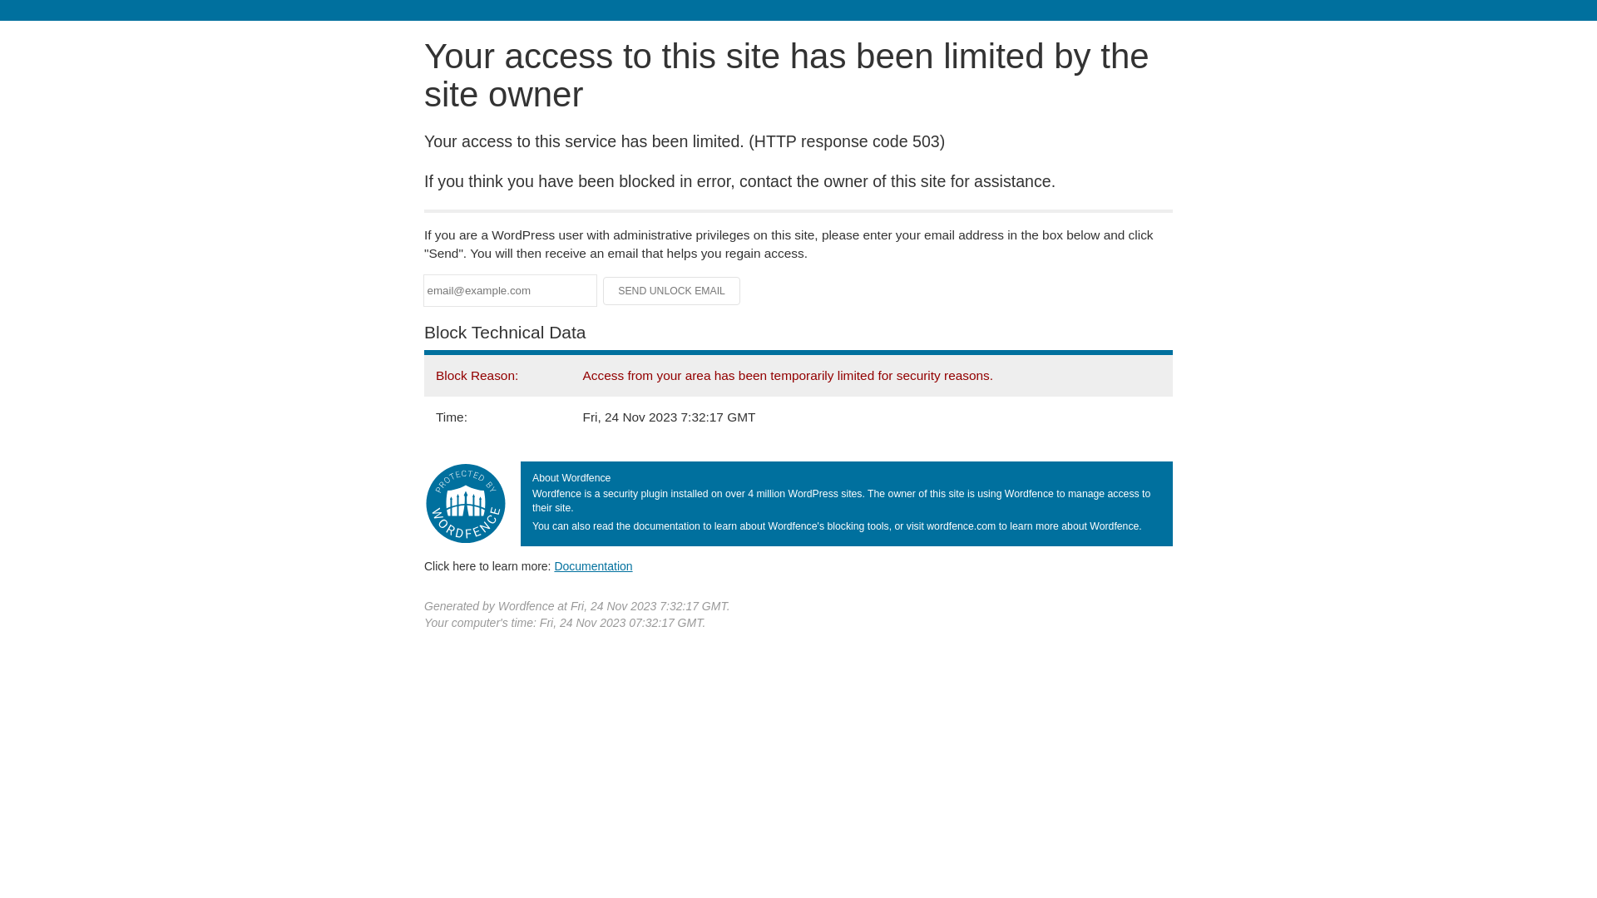 The height and width of the screenshot is (898, 1597). Describe the element at coordinates (593, 565) in the screenshot. I see `'Documentation'` at that location.